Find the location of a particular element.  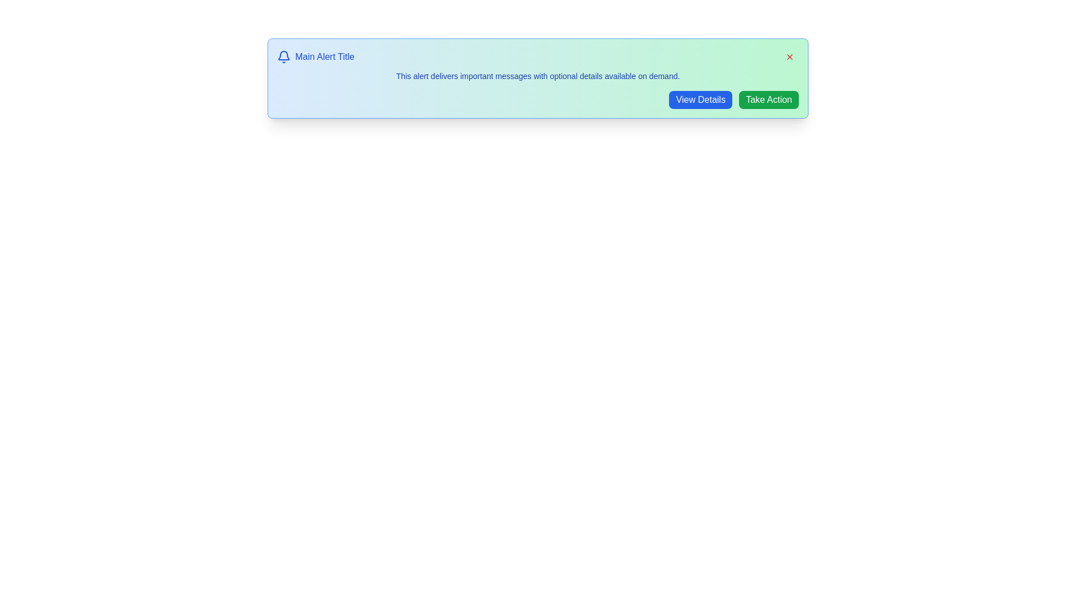

'Take Action' button to perform the primary alert action is located at coordinates (768, 99).